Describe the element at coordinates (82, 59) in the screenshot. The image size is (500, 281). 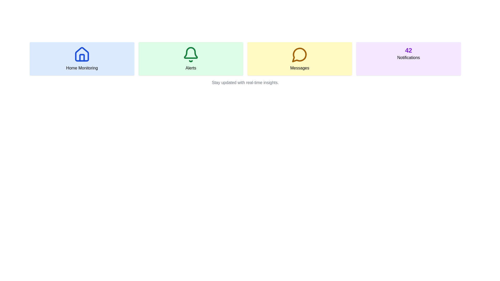
I see `the 'Home Monitoring' informational card located at the top-left side of the grid, which is the first among four similar rectangular elements` at that location.